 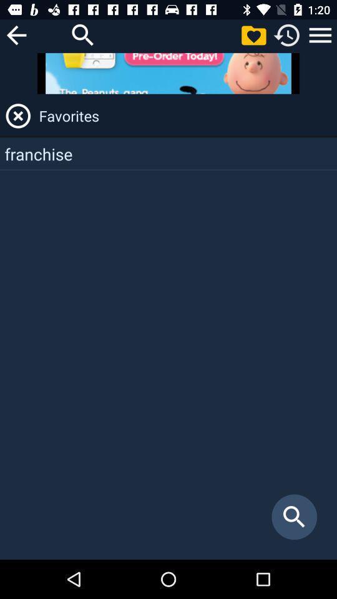 What do you see at coordinates (17, 115) in the screenshot?
I see `the window` at bounding box center [17, 115].